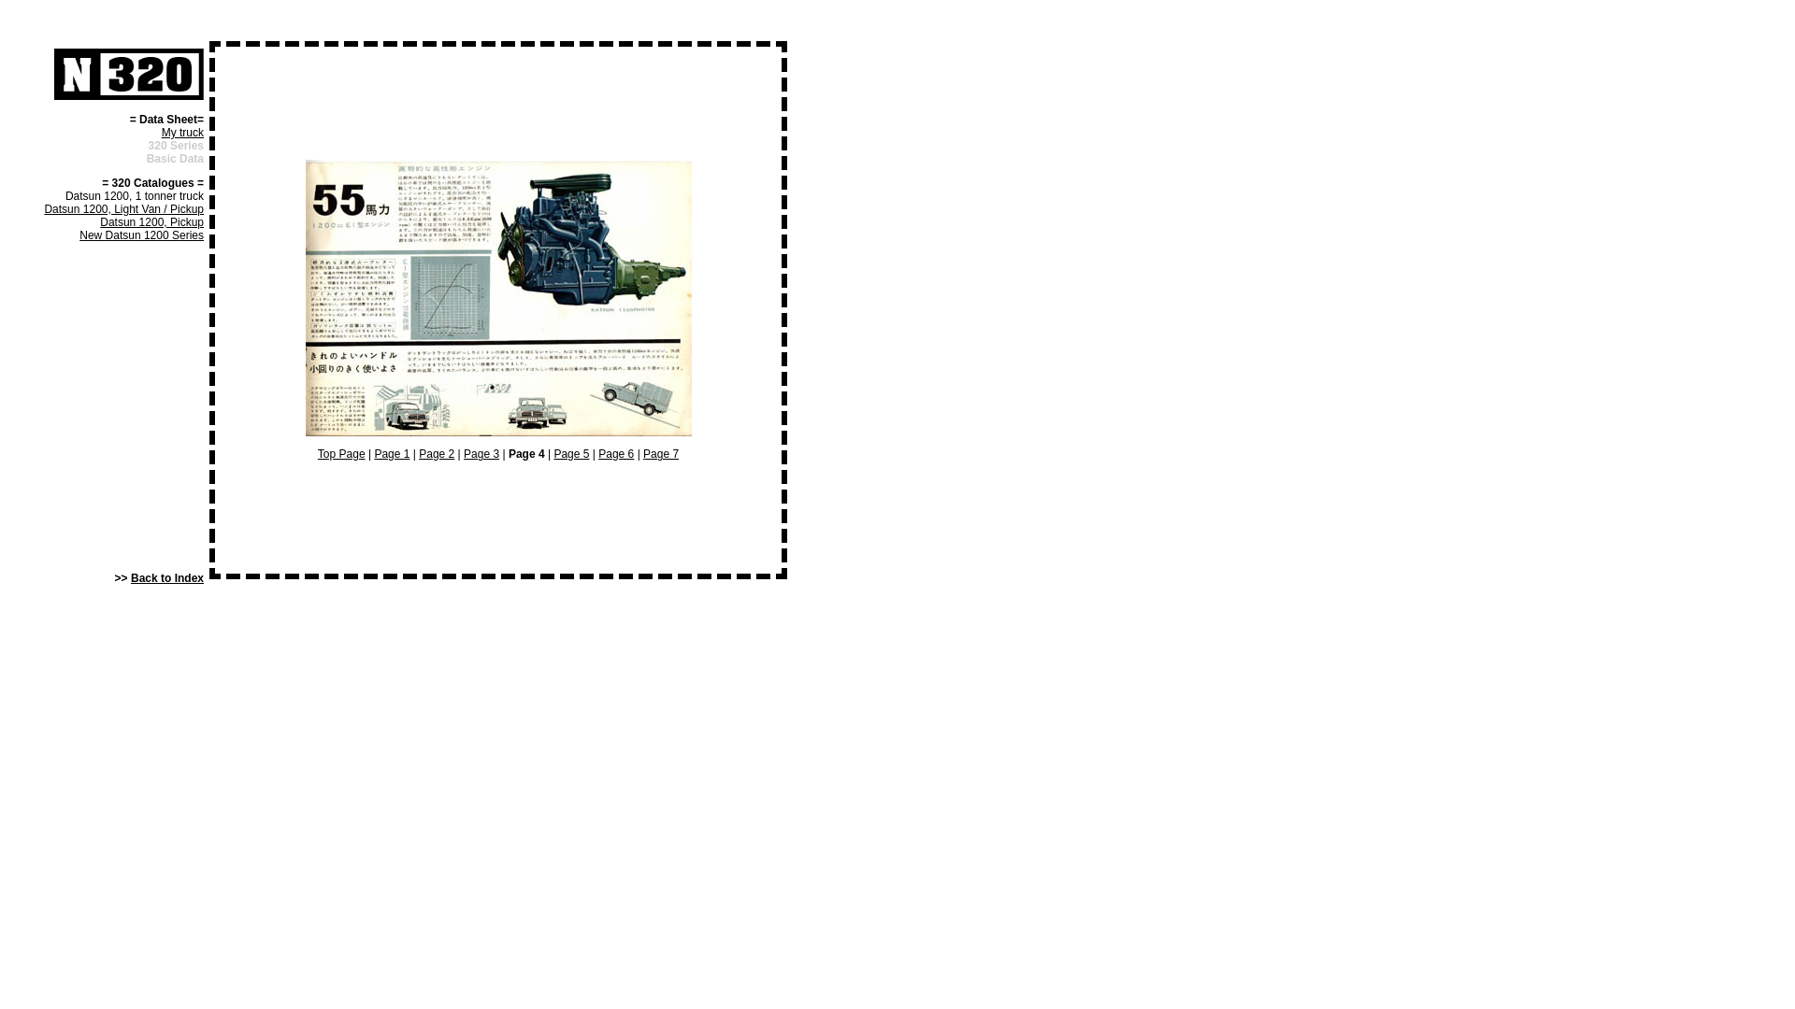 This screenshot has height=1009, width=1795. I want to click on 'New Datsun 1200 Series', so click(140, 234).